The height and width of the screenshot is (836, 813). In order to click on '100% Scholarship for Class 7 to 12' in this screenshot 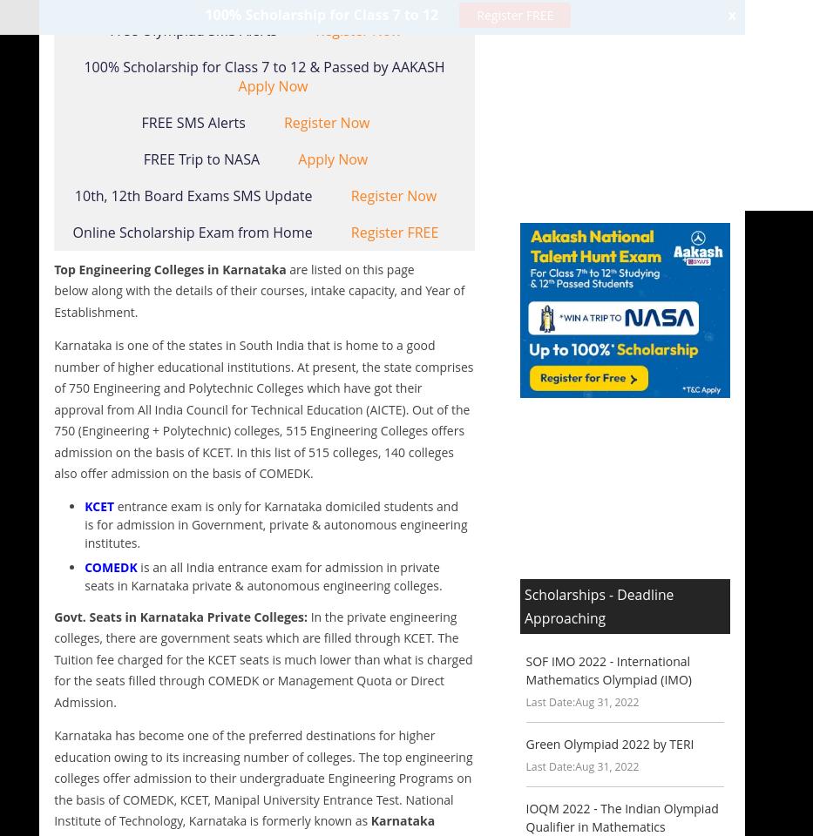, I will do `click(322, 13)`.